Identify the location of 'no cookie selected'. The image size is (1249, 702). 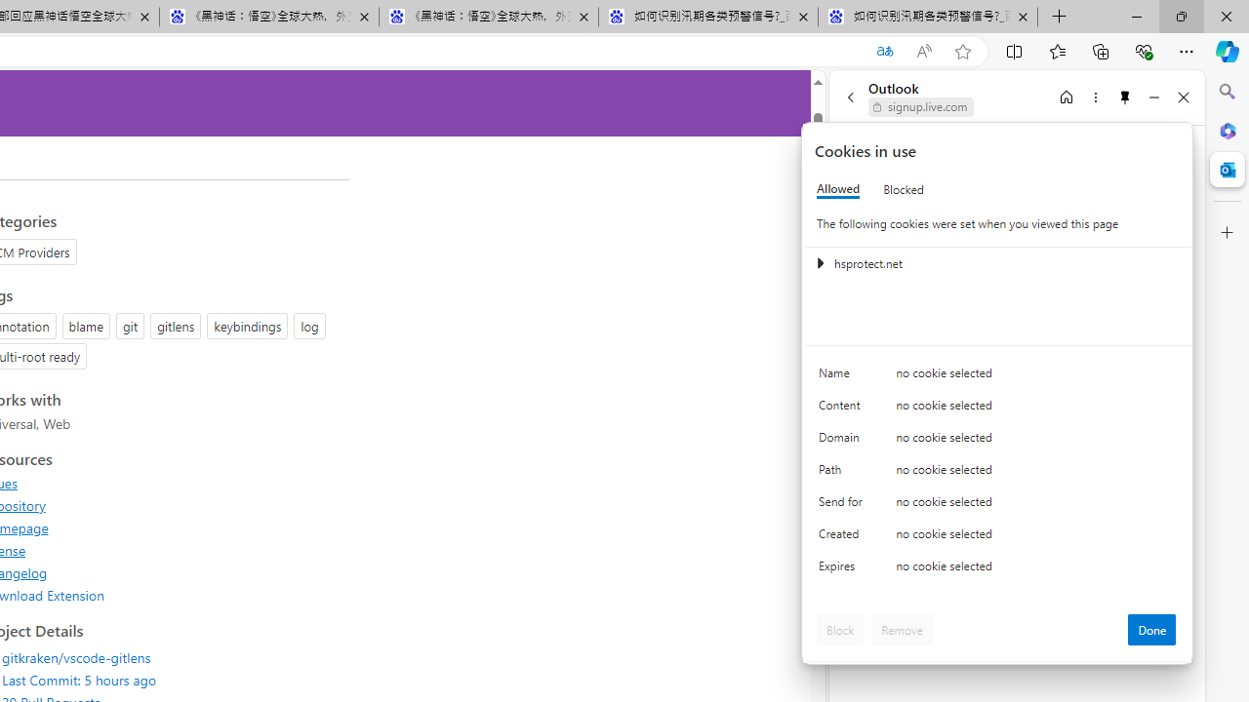
(1035, 570).